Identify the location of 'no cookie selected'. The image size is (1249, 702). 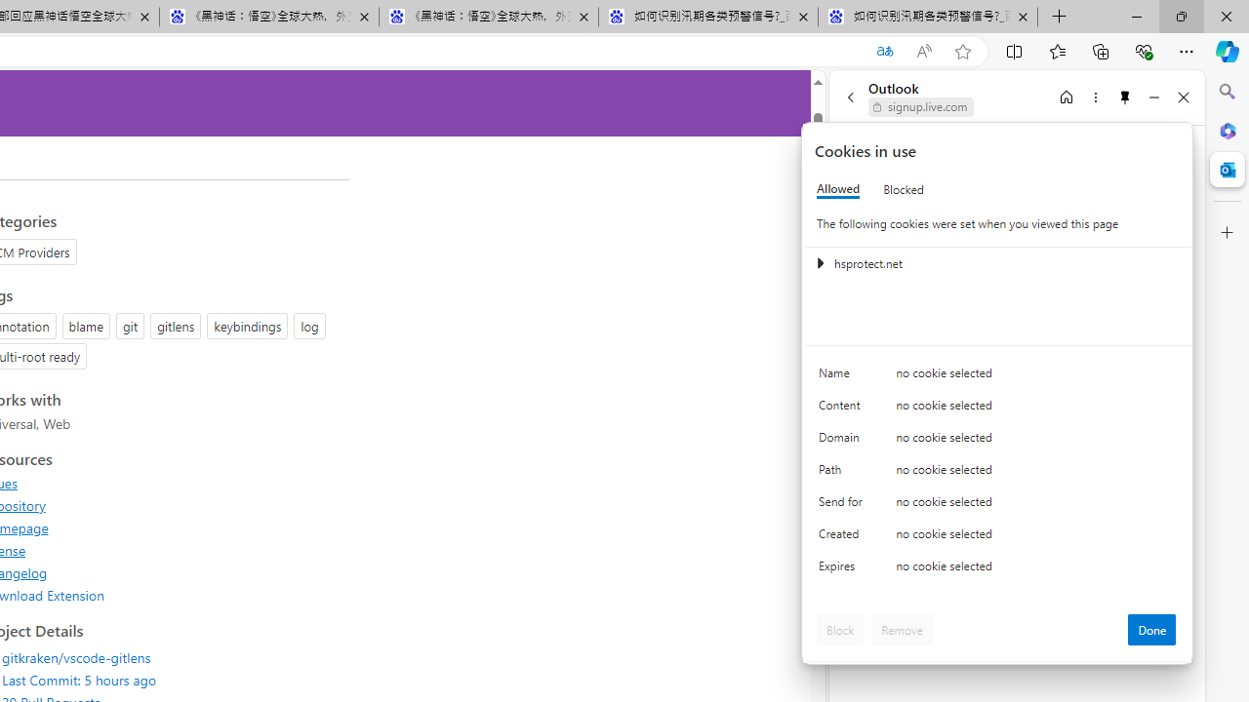
(1035, 570).